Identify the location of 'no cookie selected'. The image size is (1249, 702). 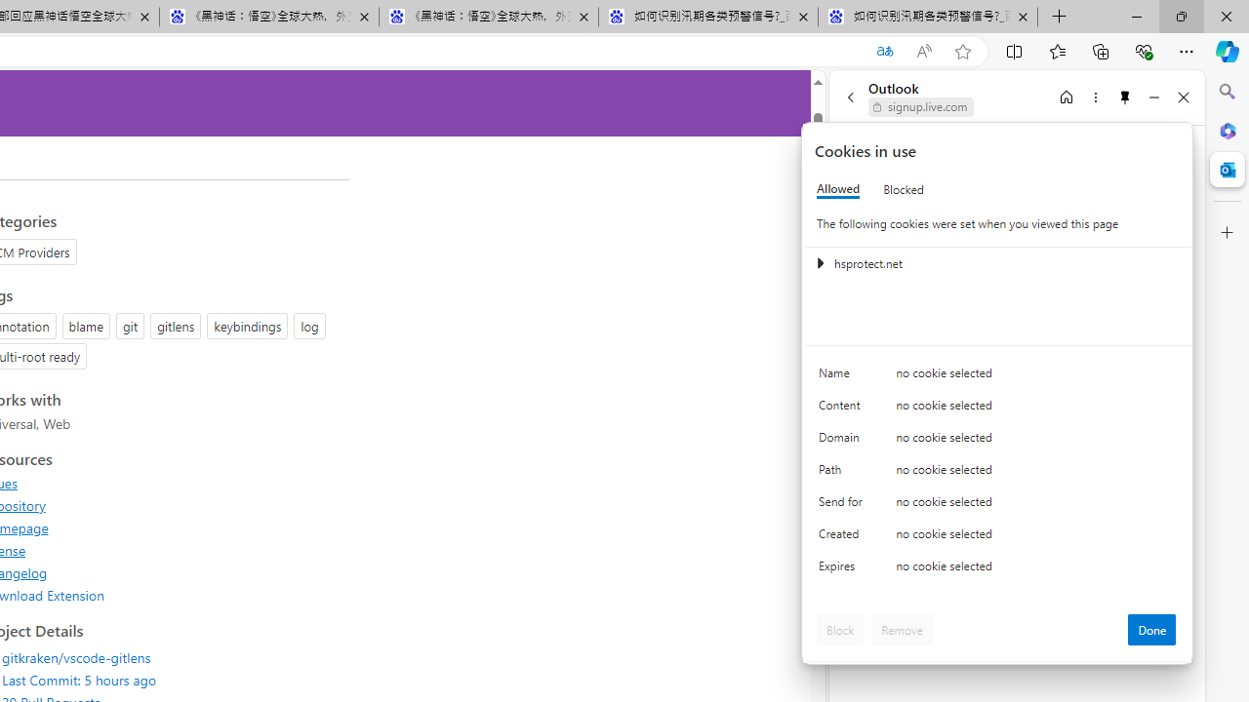
(1035, 570).